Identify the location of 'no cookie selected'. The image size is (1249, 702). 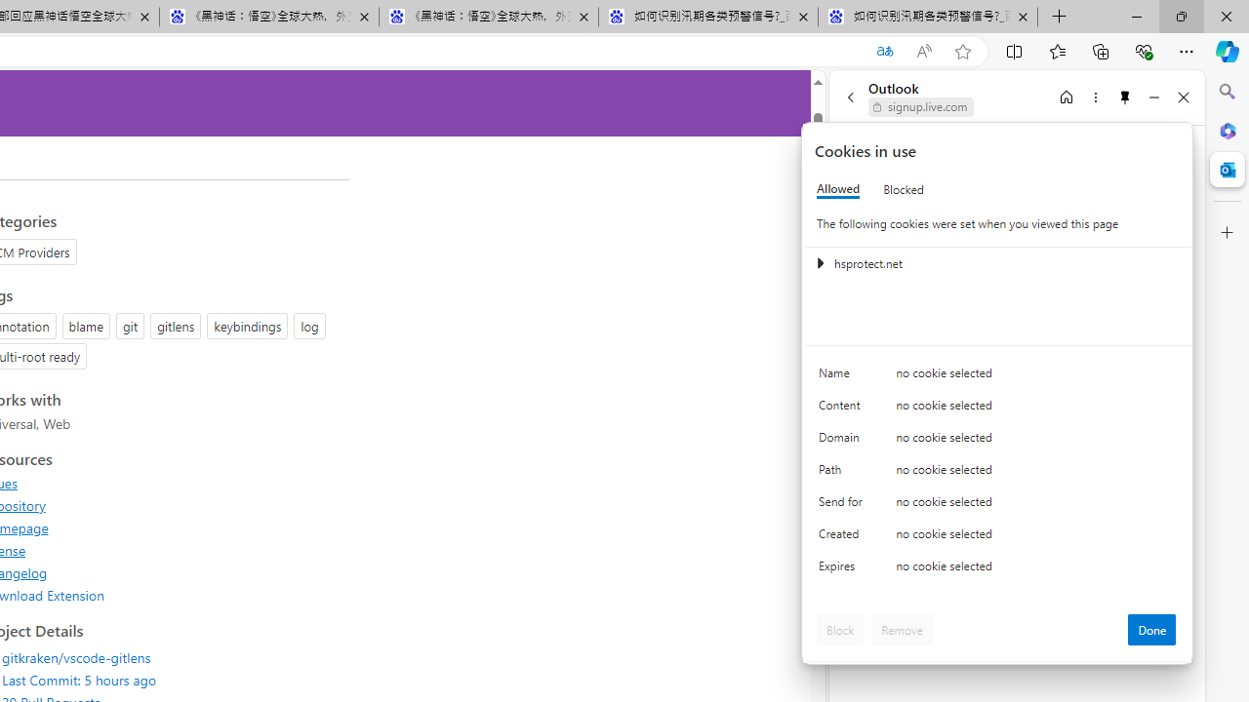
(1035, 570).